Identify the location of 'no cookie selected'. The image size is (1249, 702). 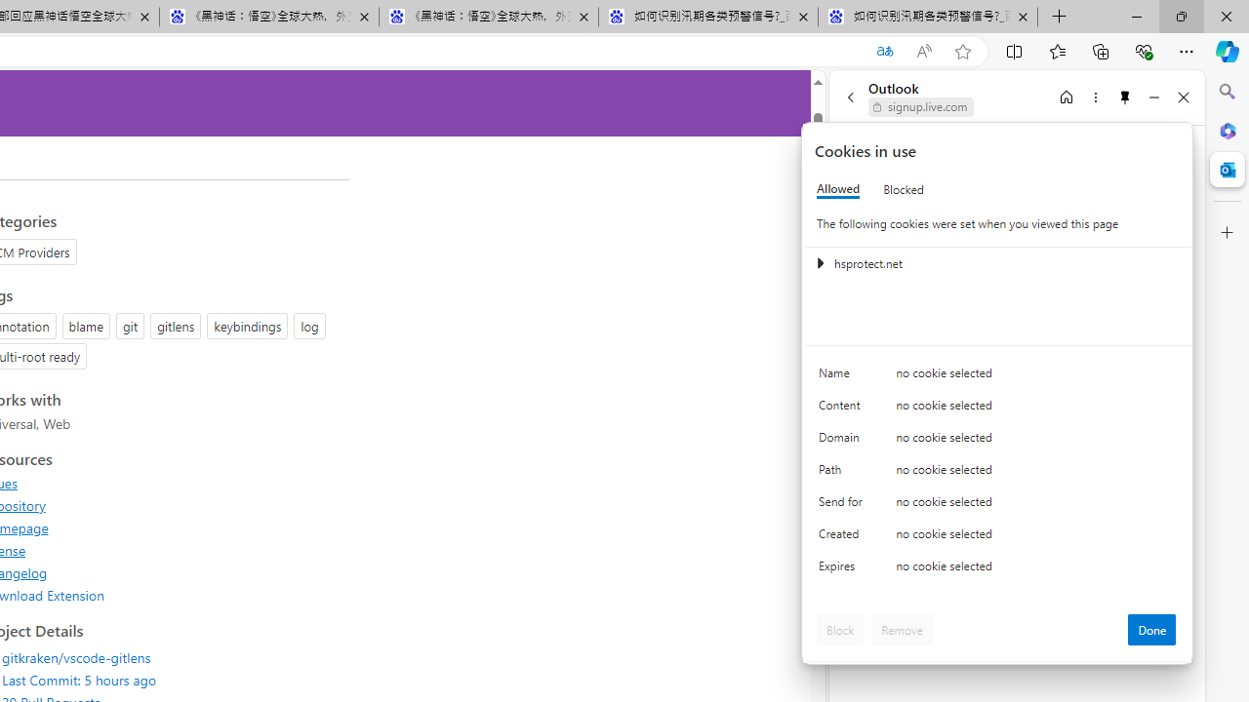
(1035, 570).